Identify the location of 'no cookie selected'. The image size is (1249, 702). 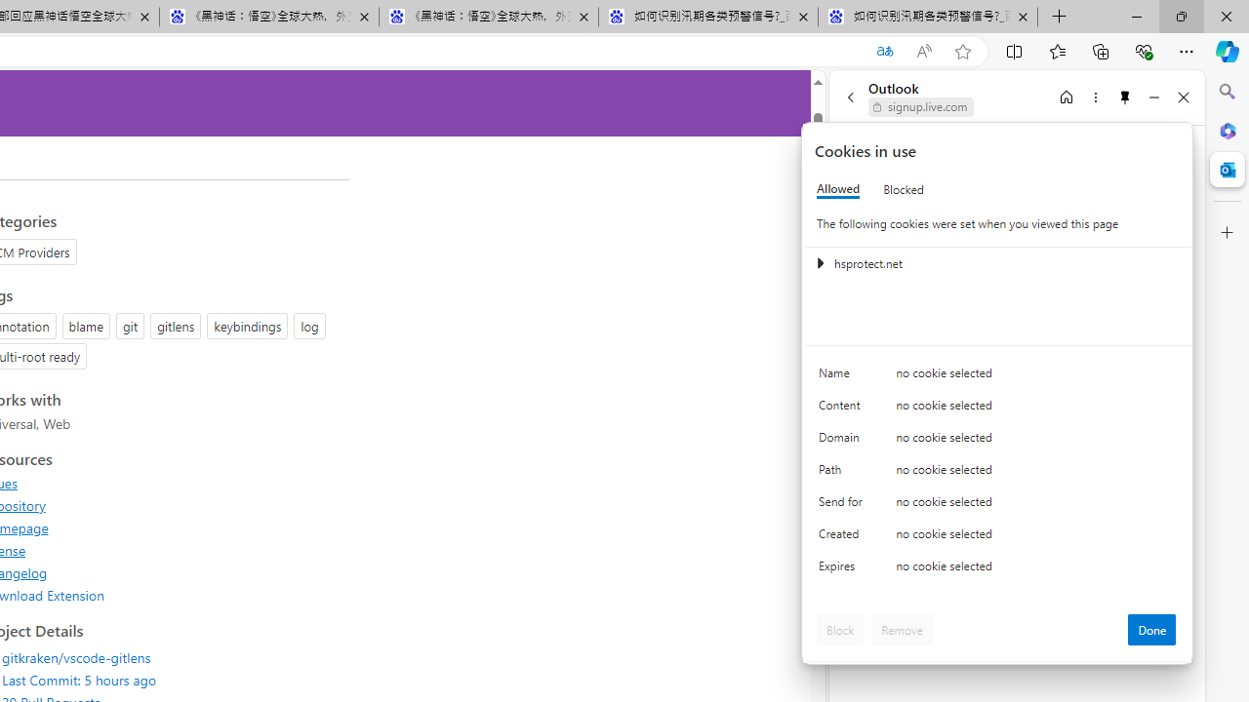
(1035, 570).